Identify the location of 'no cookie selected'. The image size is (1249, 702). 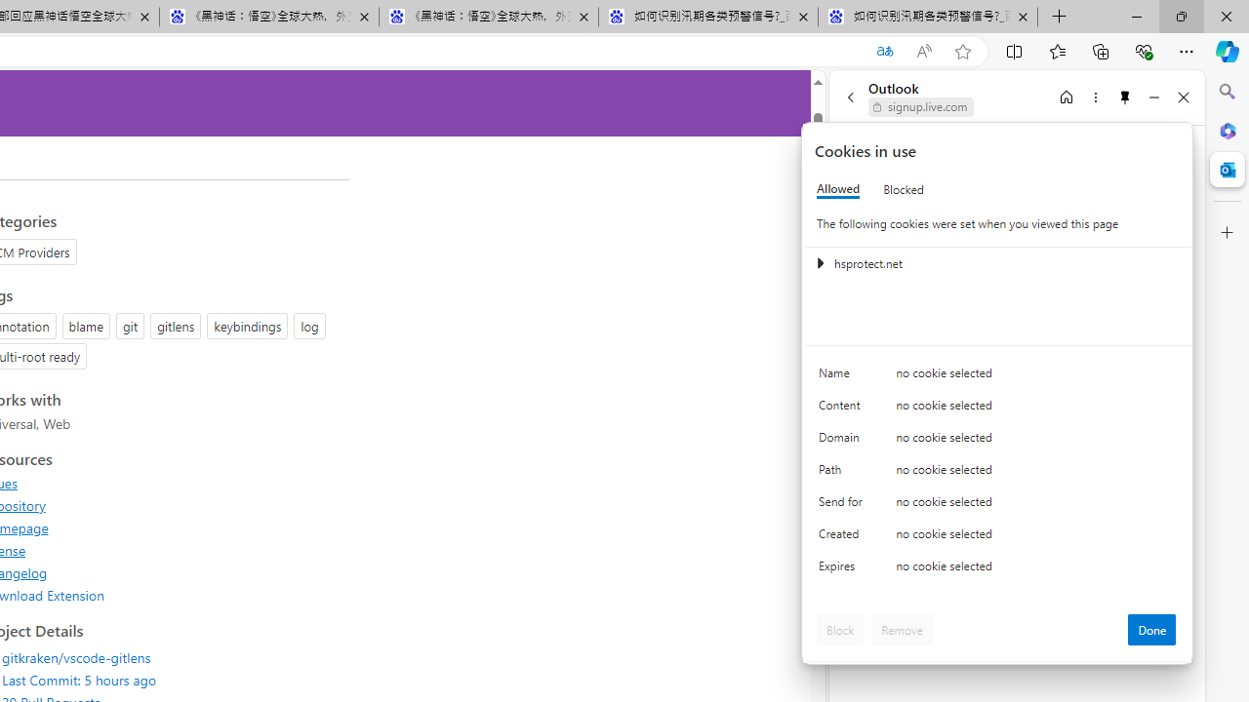
(1035, 570).